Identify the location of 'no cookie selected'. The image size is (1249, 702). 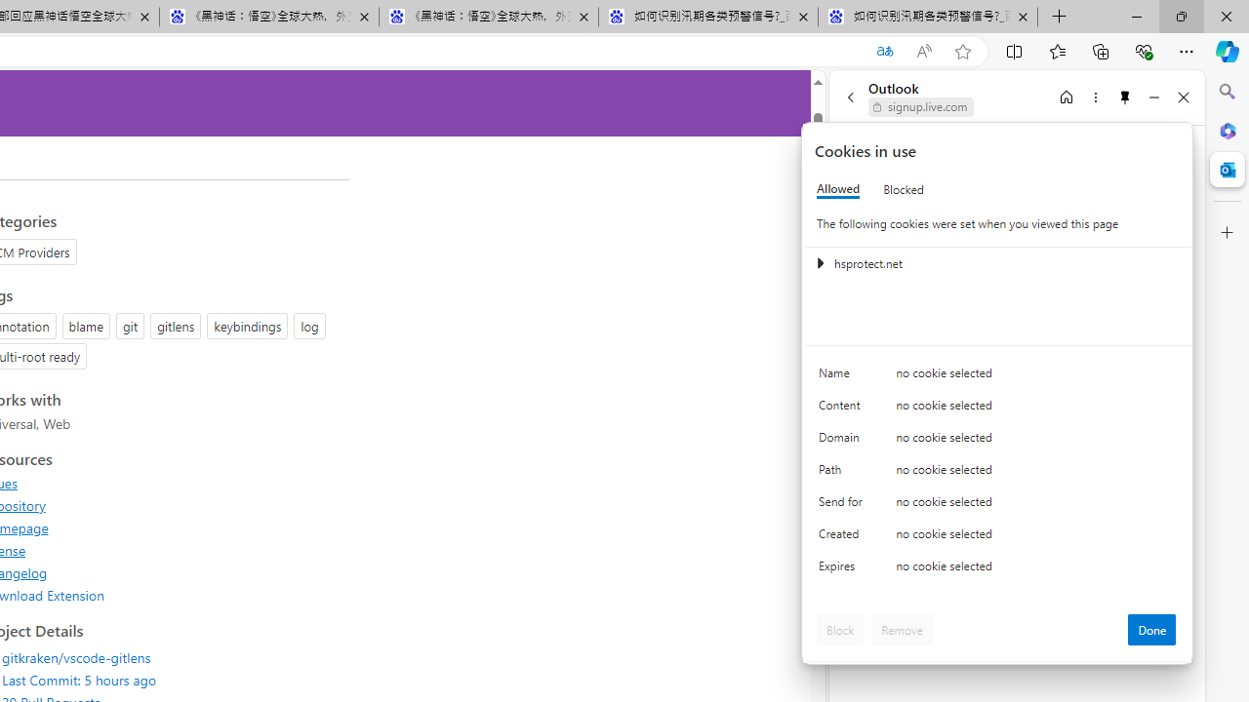
(1035, 570).